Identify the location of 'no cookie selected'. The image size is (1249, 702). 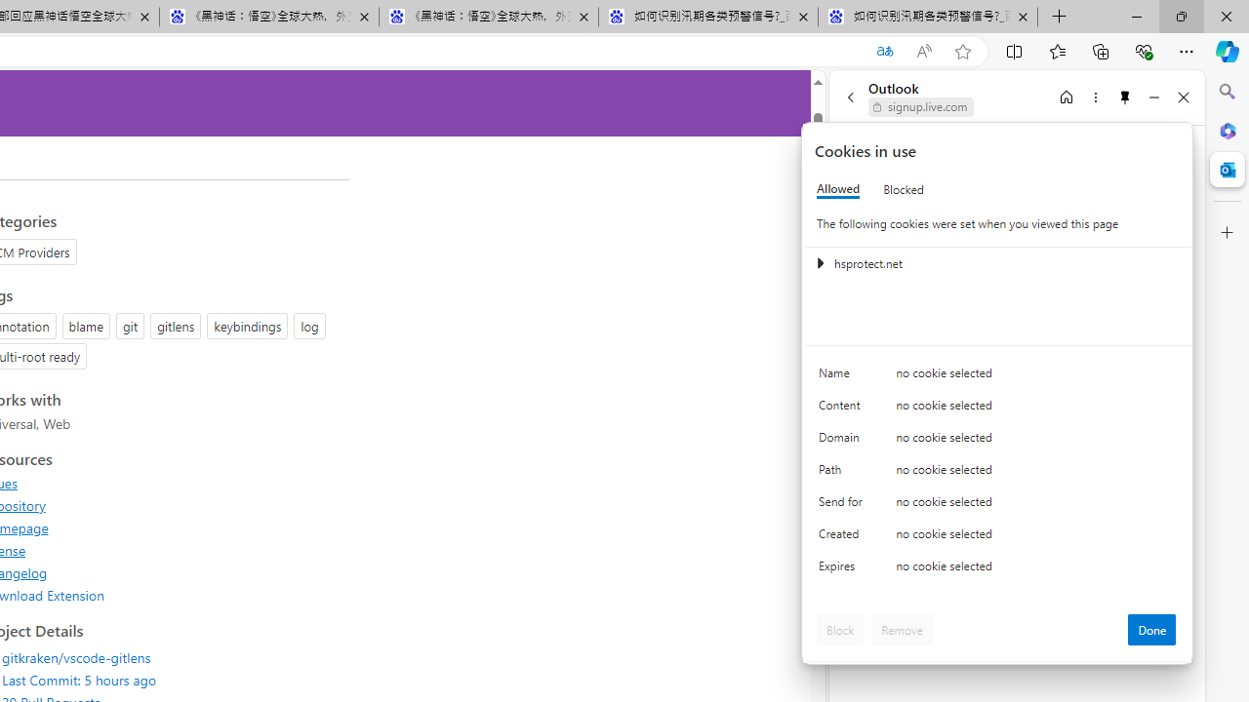
(1035, 570).